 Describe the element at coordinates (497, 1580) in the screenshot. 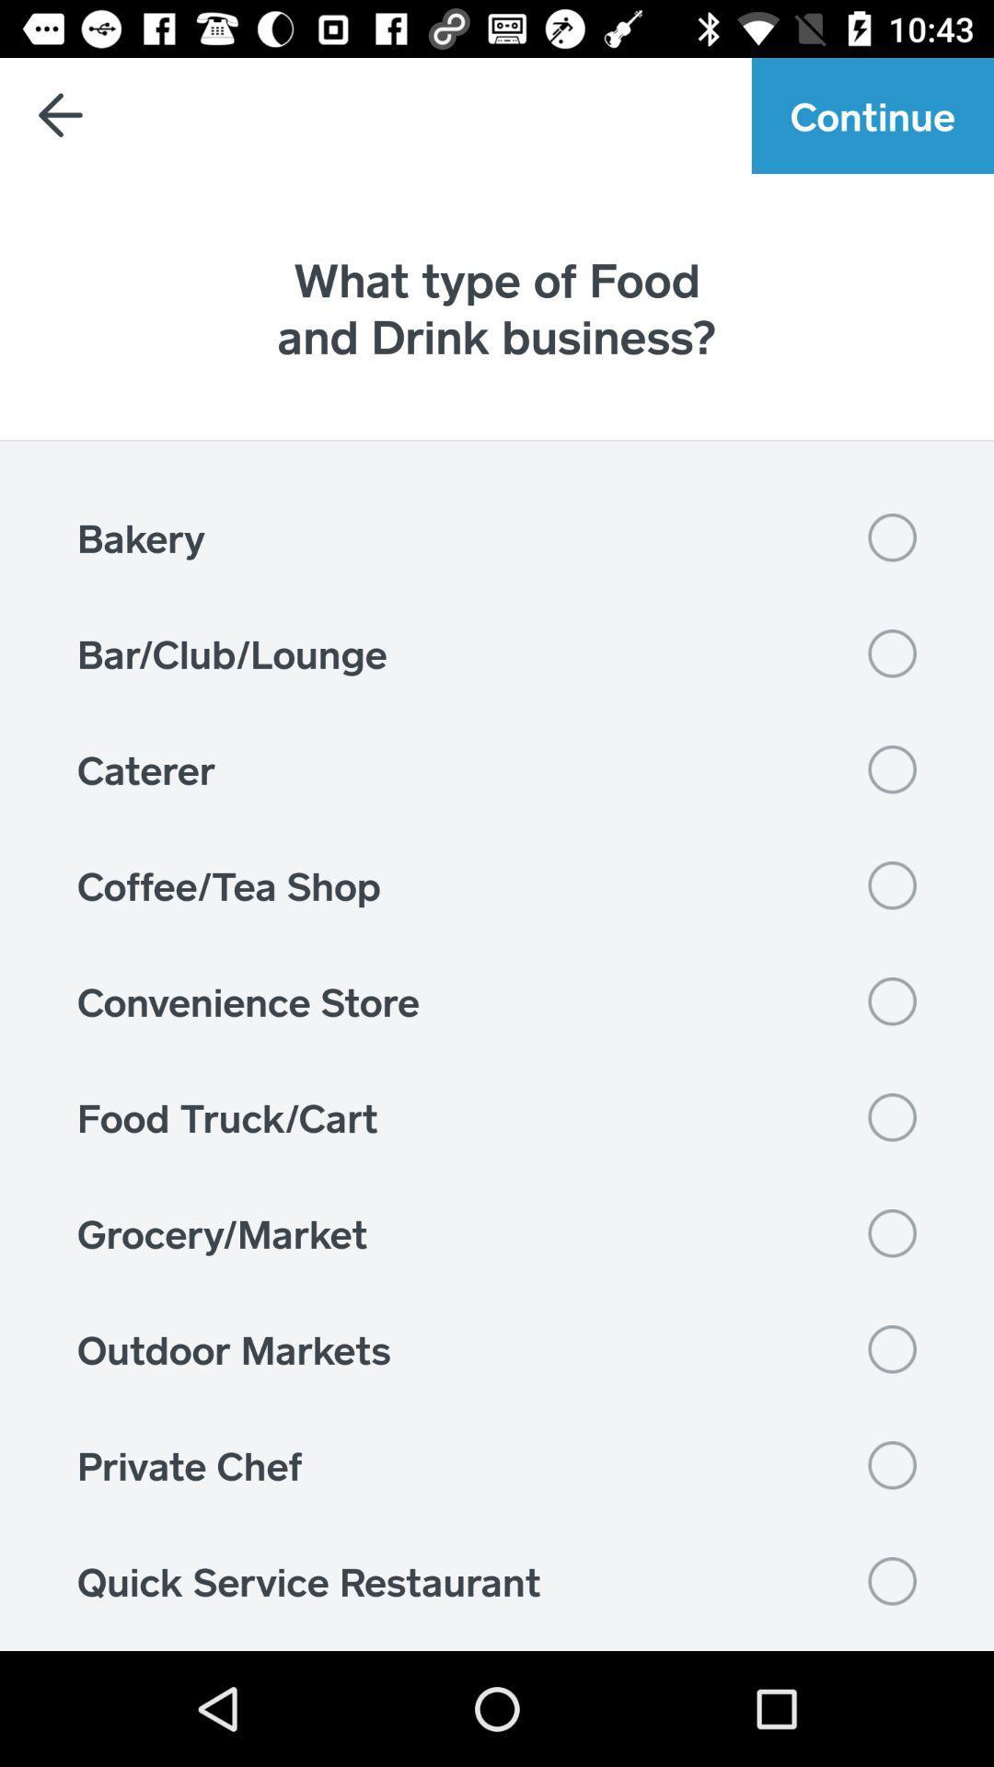

I see `icon above sit-down restaurant` at that location.